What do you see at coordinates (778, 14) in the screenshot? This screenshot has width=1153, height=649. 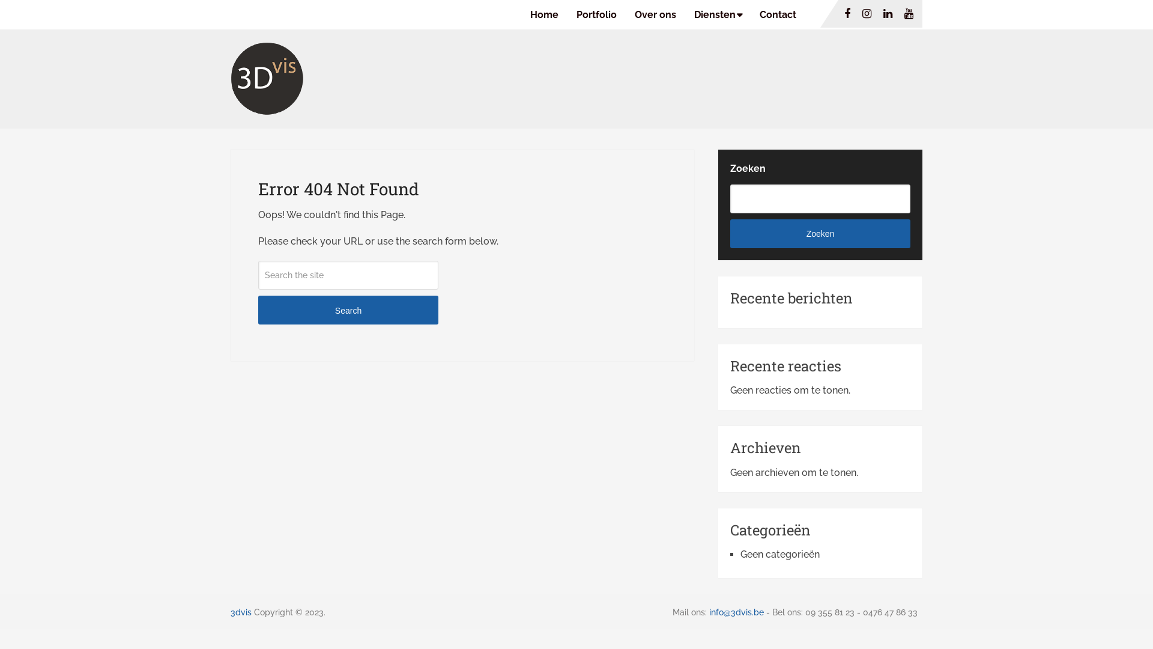 I see `'Contact'` at bounding box center [778, 14].